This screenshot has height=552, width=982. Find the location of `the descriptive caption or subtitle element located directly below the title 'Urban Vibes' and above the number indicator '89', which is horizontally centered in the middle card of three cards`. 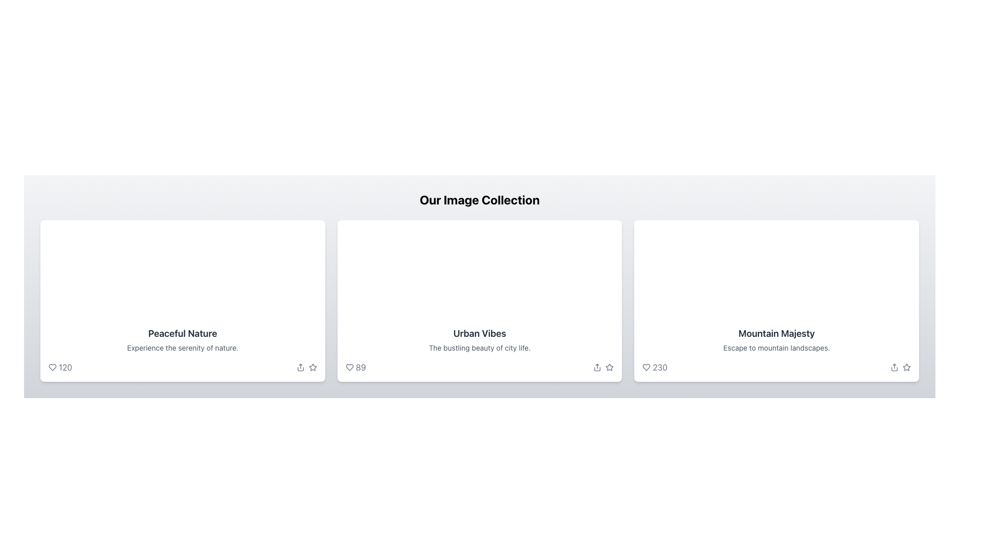

the descriptive caption or subtitle element located directly below the title 'Urban Vibes' and above the number indicator '89', which is horizontally centered in the middle card of three cards is located at coordinates (479, 348).